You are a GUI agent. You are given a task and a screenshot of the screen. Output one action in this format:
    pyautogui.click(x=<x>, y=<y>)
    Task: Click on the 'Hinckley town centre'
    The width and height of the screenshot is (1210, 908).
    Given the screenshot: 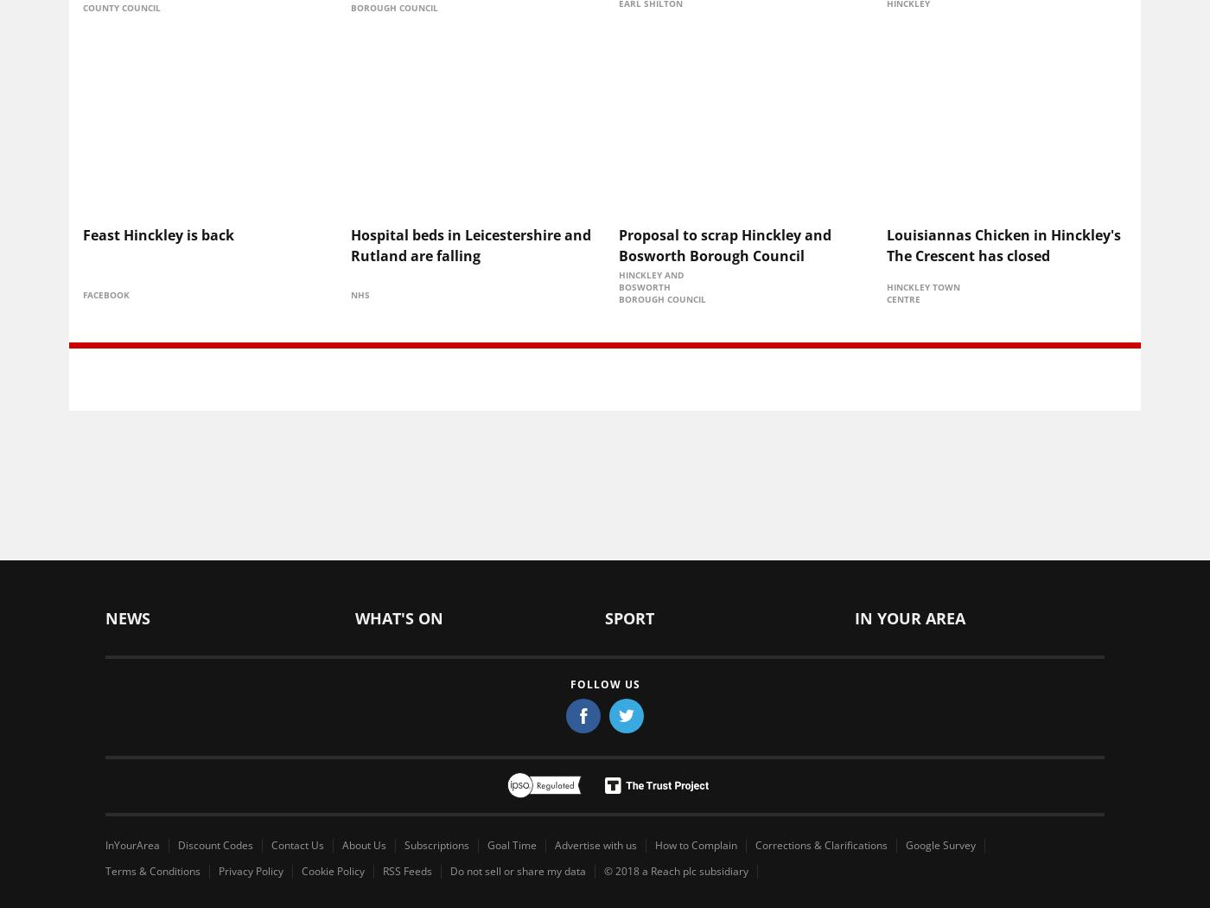 What is the action you would take?
    pyautogui.click(x=923, y=291)
    